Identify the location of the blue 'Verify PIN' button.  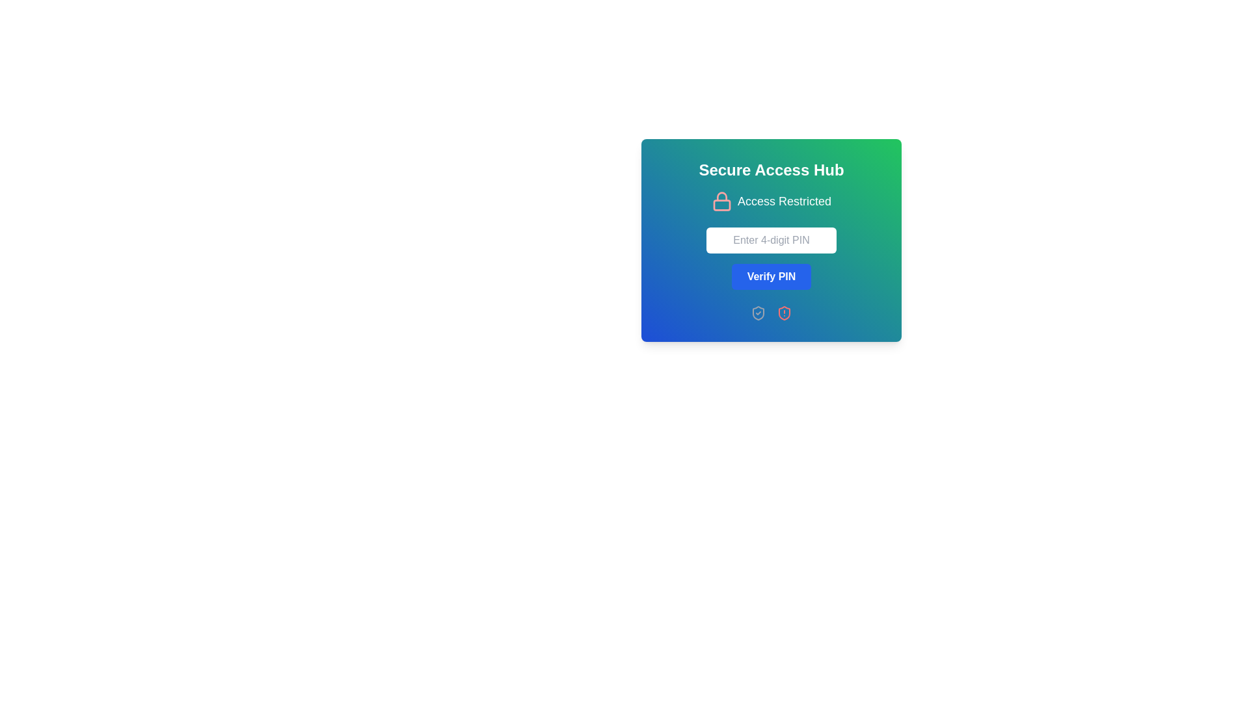
(771, 276).